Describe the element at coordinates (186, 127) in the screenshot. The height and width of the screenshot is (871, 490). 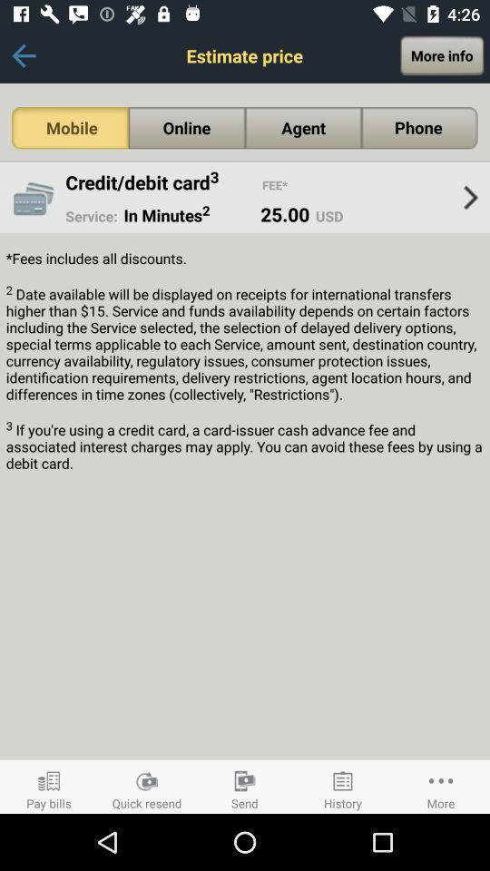
I see `the online option` at that location.